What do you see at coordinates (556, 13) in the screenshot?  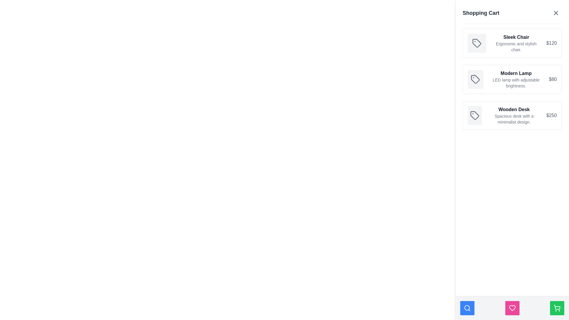 I see `the close button located at the top-right corner of the 'Shopping Cart' panel to change its color` at bounding box center [556, 13].